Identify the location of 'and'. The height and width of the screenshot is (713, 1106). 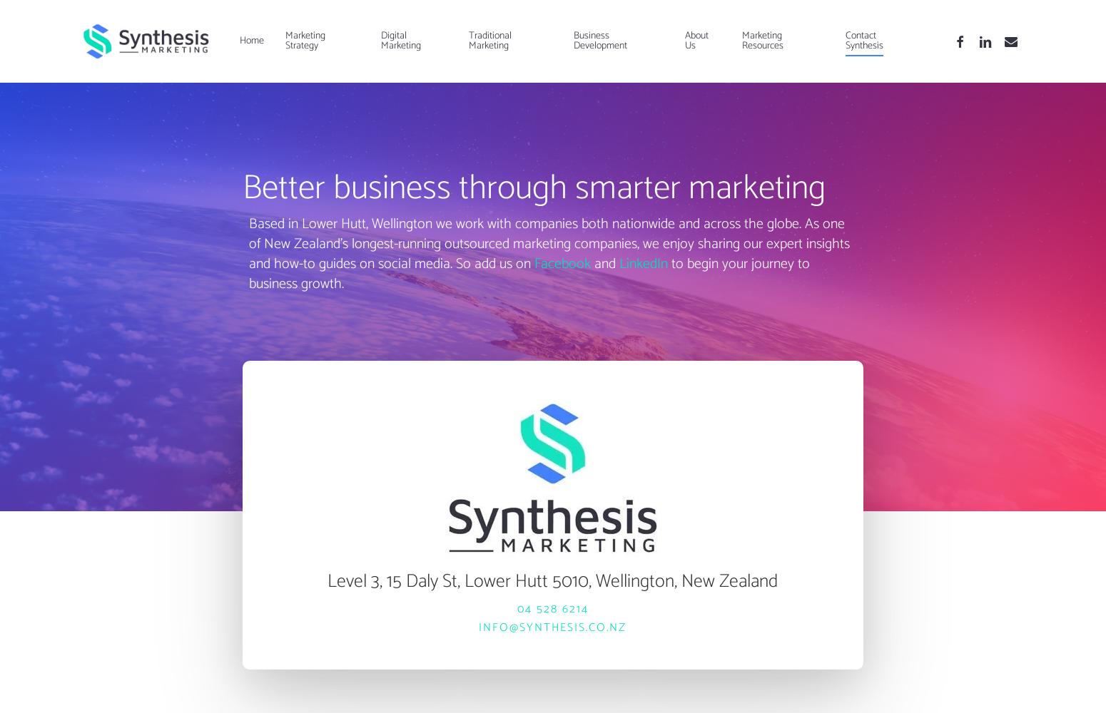
(604, 263).